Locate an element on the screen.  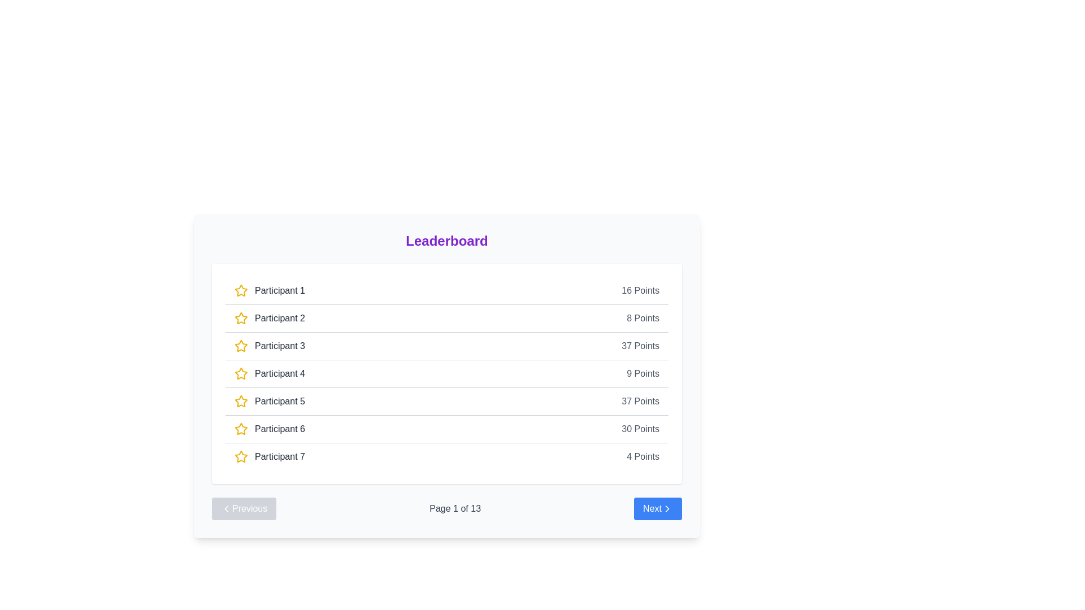
the bold yellow star icon located to the left of the 'Participant 5' label in the leaderboard table is located at coordinates (241, 400).